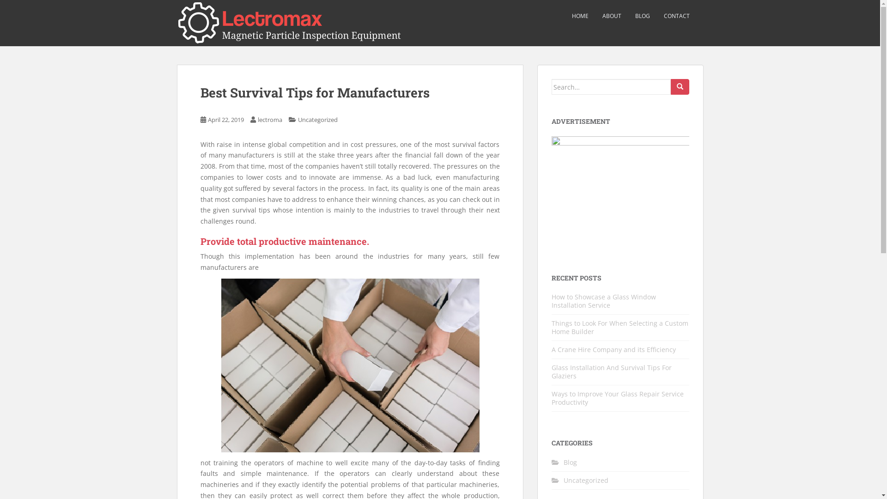  What do you see at coordinates (552, 87) in the screenshot?
I see `'Search for:'` at bounding box center [552, 87].